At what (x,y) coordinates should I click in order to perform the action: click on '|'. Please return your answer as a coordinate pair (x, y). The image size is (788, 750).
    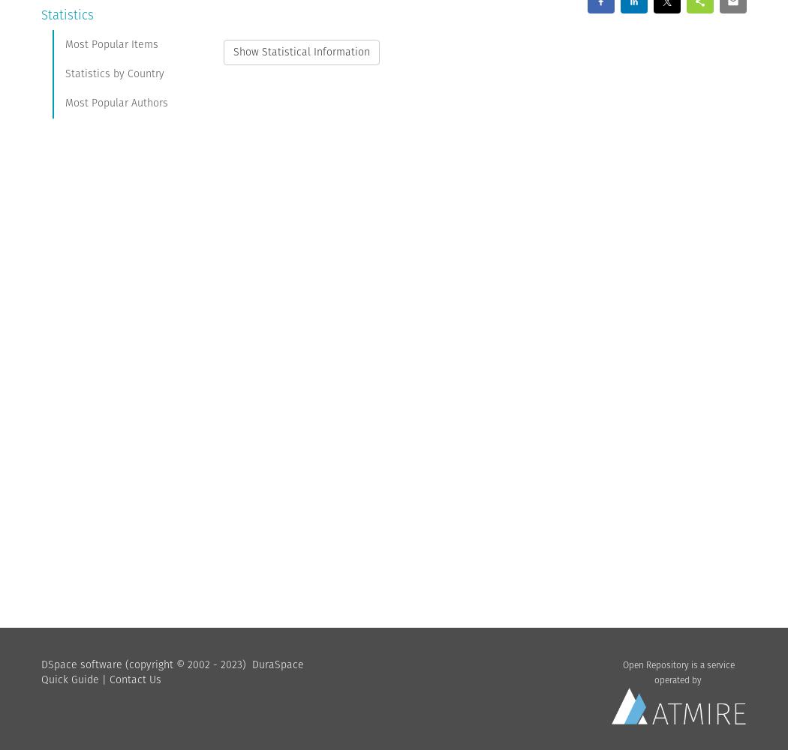
    Looking at the image, I should click on (98, 679).